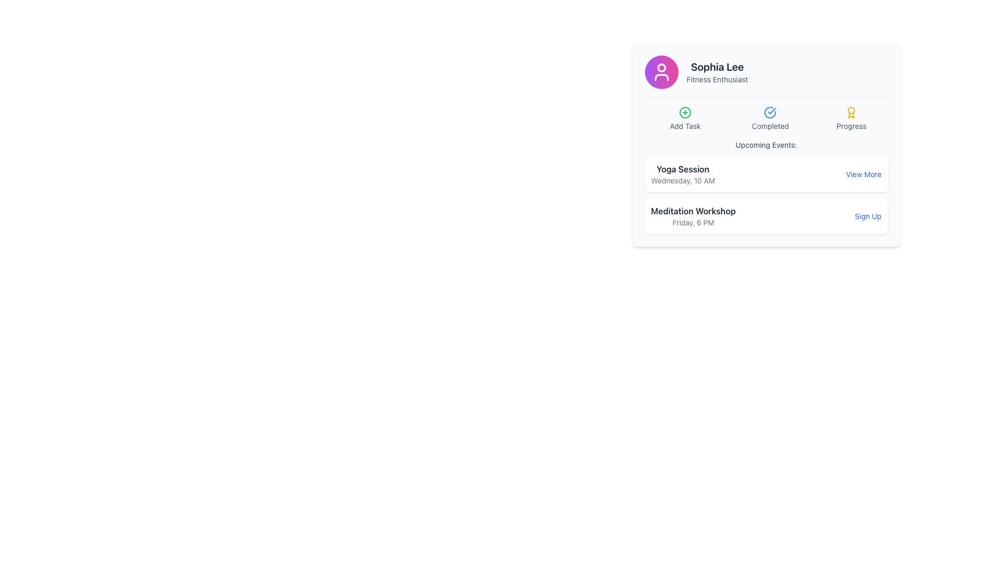  I want to click on the 'Fitness Enthusiast' text label, which is styled in a small font size and gray color, located directly below the 'Sophia Lee' text in the card-like UI component, so click(717, 79).